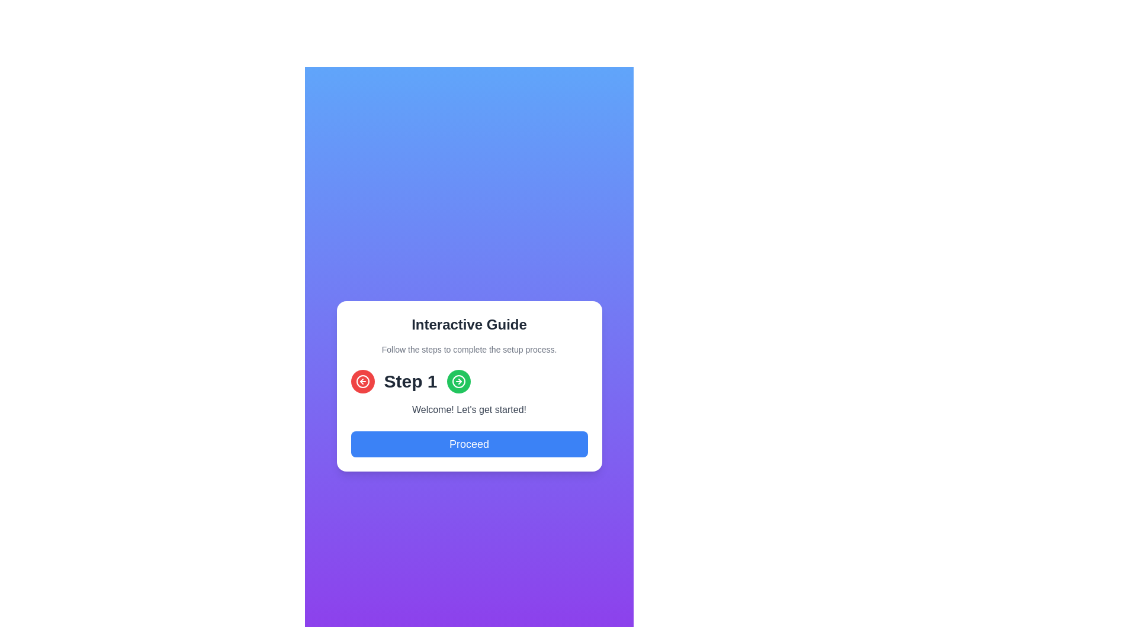  Describe the element at coordinates (458, 381) in the screenshot. I see `design structure of the circular graphical component that is part of the button-like icon located to the right of the 'Step 1' text section` at that location.